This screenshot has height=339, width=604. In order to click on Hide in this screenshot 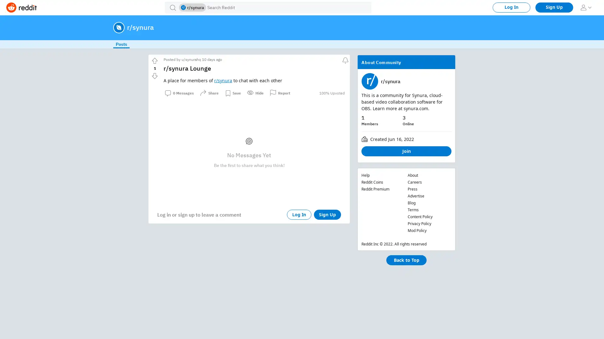, I will do `click(255, 93)`.